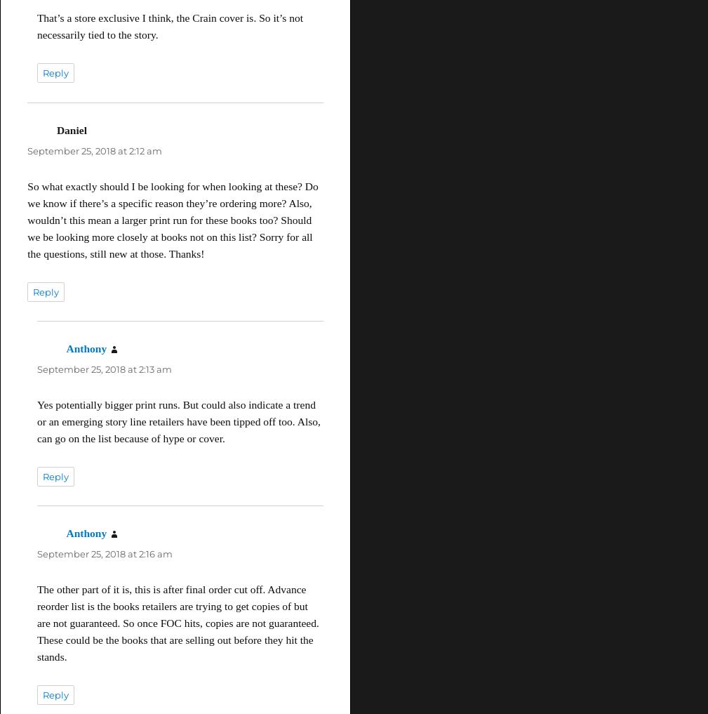  Describe the element at coordinates (70, 129) in the screenshot. I see `'Daniel'` at that location.